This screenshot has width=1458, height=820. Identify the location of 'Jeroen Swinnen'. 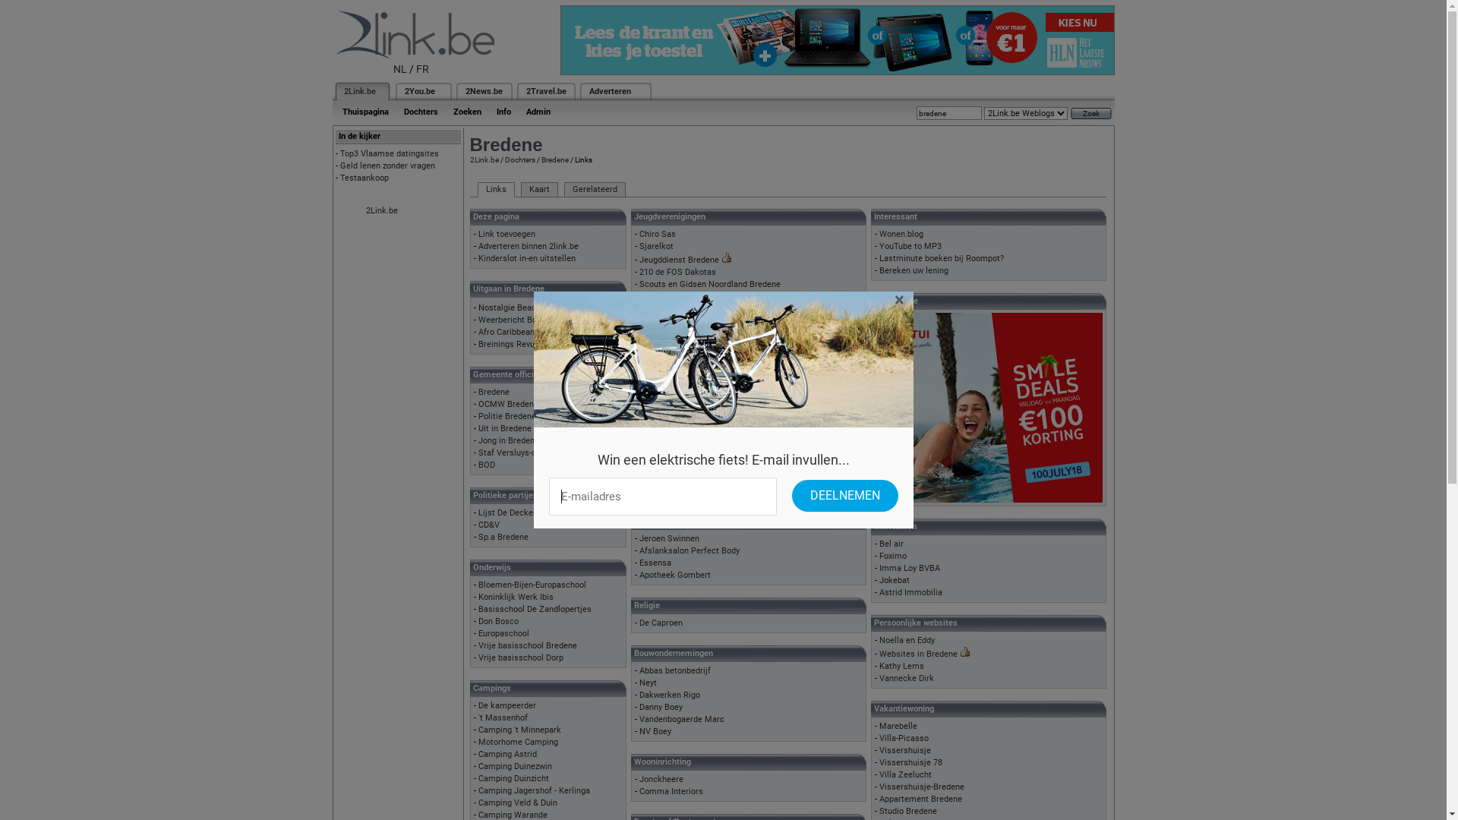
(639, 538).